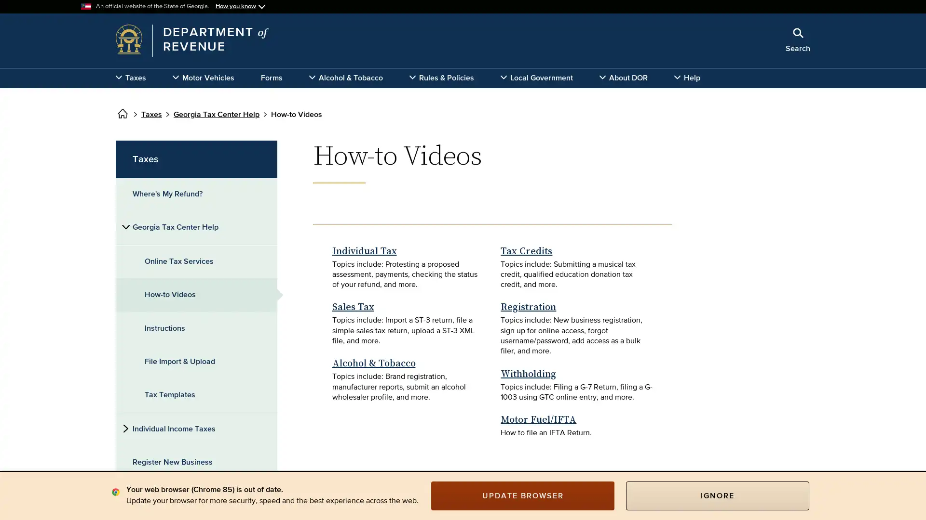 The height and width of the screenshot is (520, 926). Describe the element at coordinates (799, 30) in the screenshot. I see `Close` at that location.